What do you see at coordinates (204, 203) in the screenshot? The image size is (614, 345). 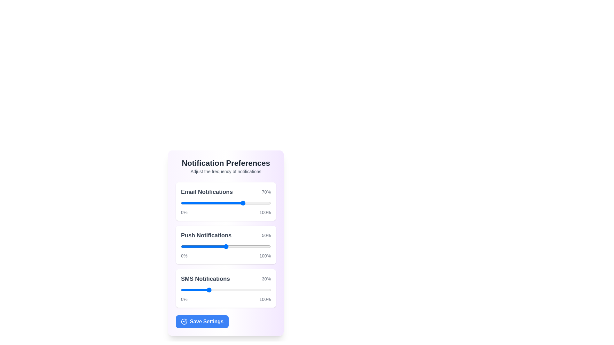 I see `the Email Notification slider` at bounding box center [204, 203].